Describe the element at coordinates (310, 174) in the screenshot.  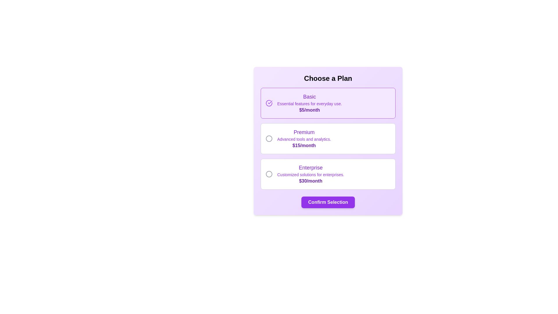
I see `the textual label that states 'Customized solutions for enterprises.' located in the lower section of the 'Enterprise' plan box` at that location.